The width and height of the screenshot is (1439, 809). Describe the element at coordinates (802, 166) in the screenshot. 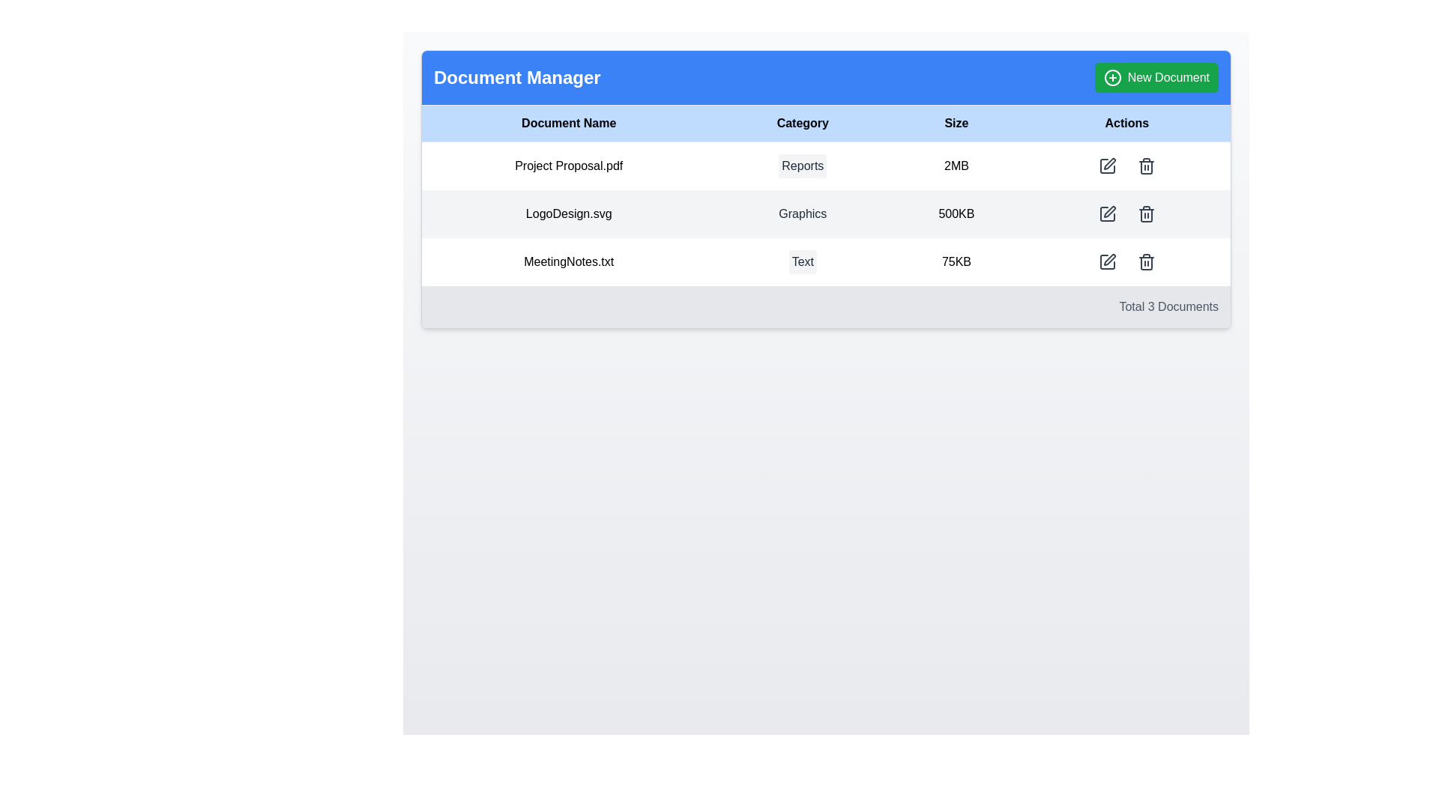

I see `the 'Reports' label, which is a small label with rounded corners, located in the second cell of the second row under the 'Category' column of the table corresponding to 'Project Proposal.pdf'` at that location.